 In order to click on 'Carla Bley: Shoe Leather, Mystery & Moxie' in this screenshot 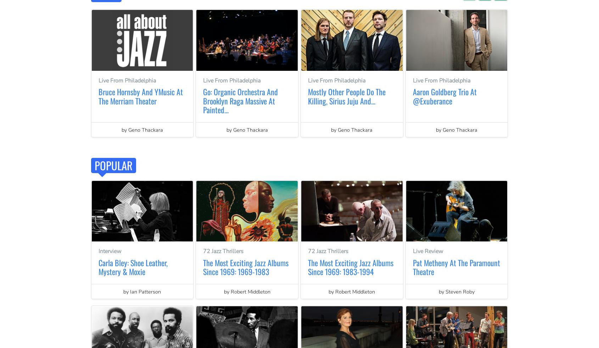, I will do `click(98, 266)`.